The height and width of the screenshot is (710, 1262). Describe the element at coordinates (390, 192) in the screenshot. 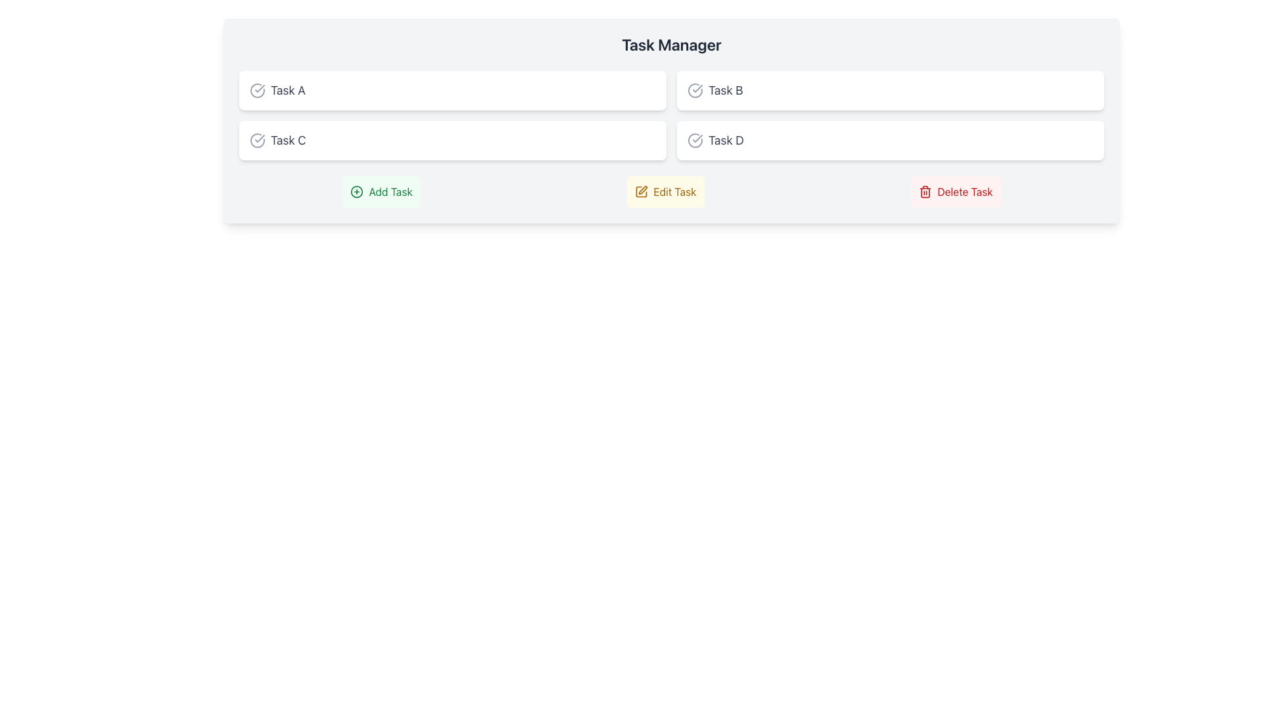

I see `the textual label within the 'Add Task' button, which is visually centered between the green 'Add Task' button and the yellow 'Edit Task' button` at that location.